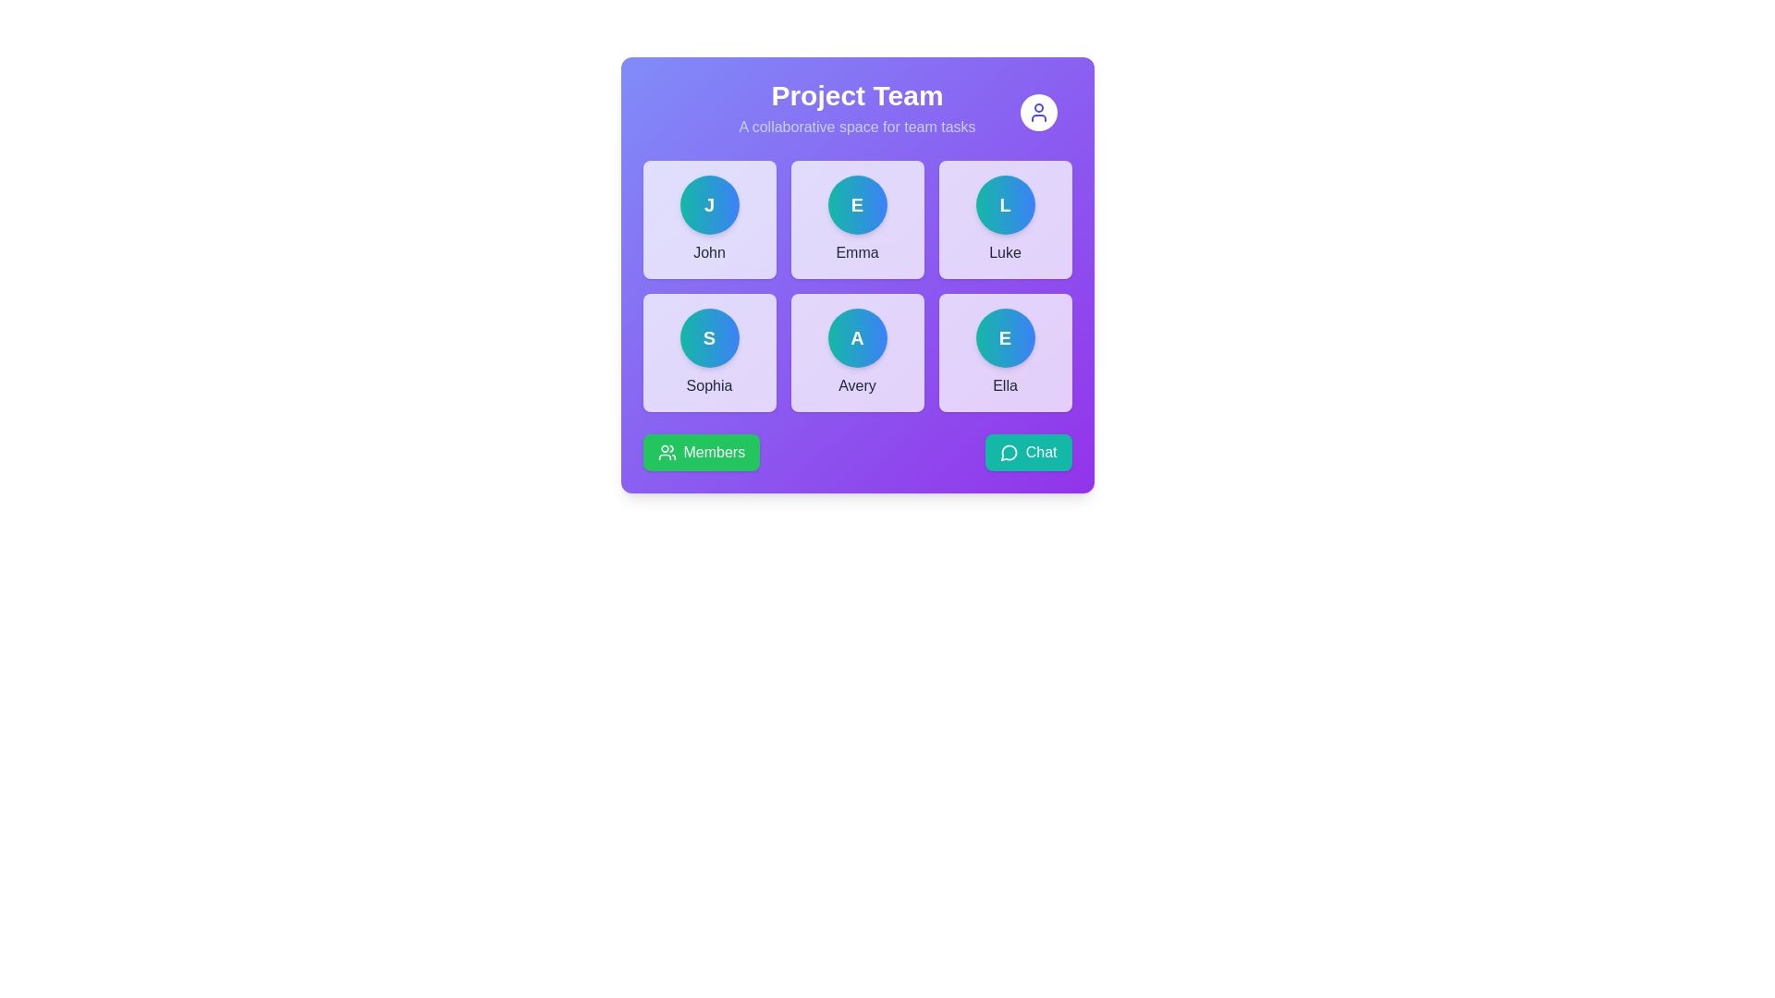 Image resolution: width=1775 pixels, height=998 pixels. Describe the element at coordinates (713, 452) in the screenshot. I see `the 'Members' button which features a white text label on a green background, located at the bottom left corner of the interface` at that location.